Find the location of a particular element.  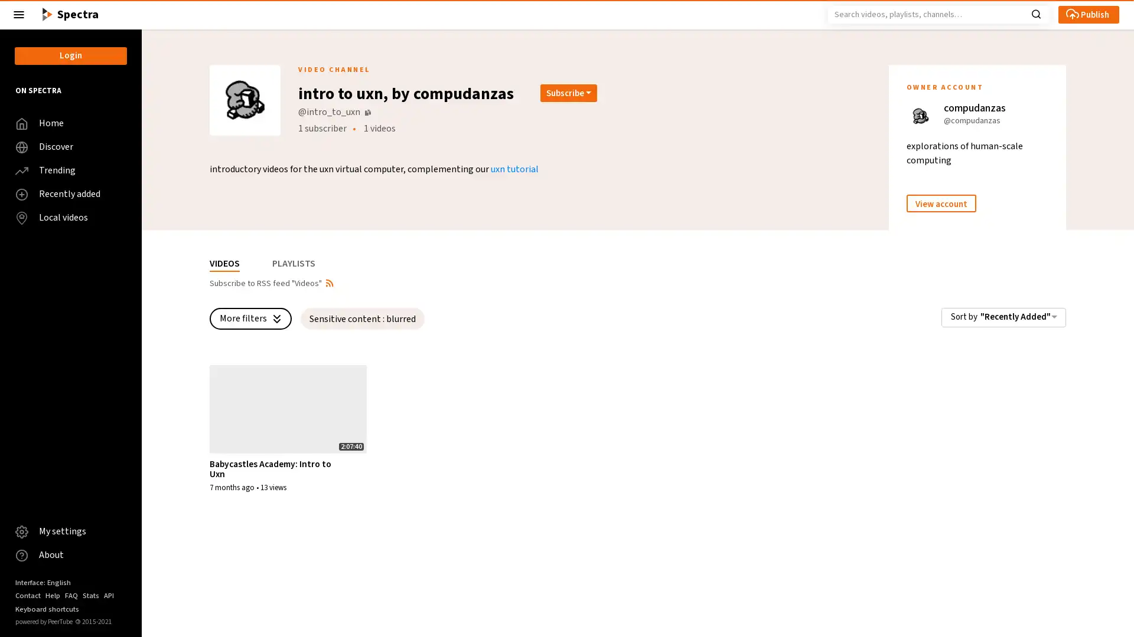

Open syndication dropdown is located at coordinates (329, 282).